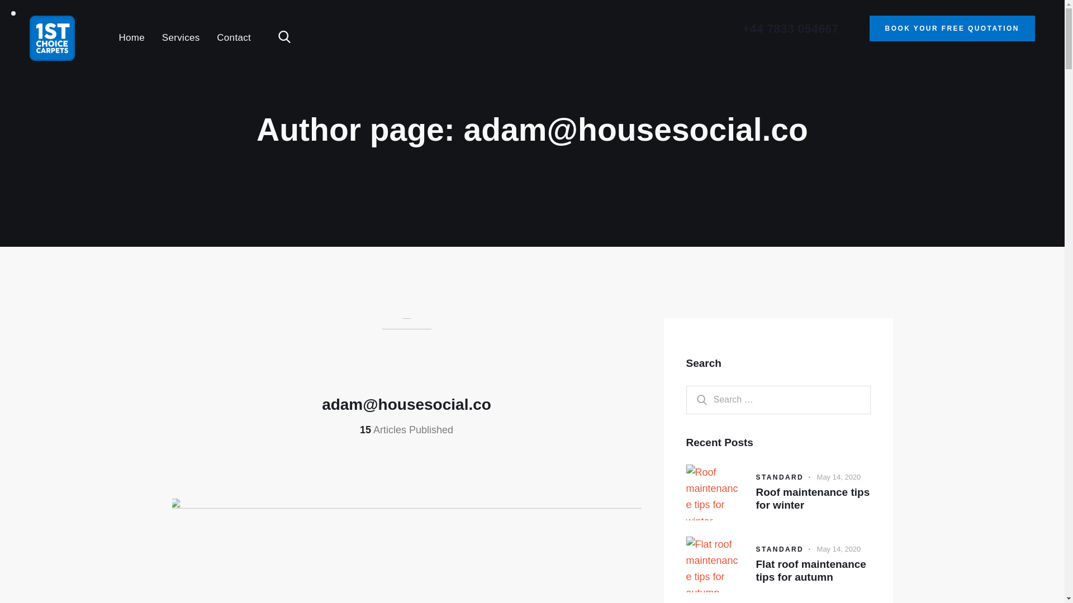 The image size is (1073, 603). I want to click on 'Roof maintenance tips for winter', so click(756, 499).